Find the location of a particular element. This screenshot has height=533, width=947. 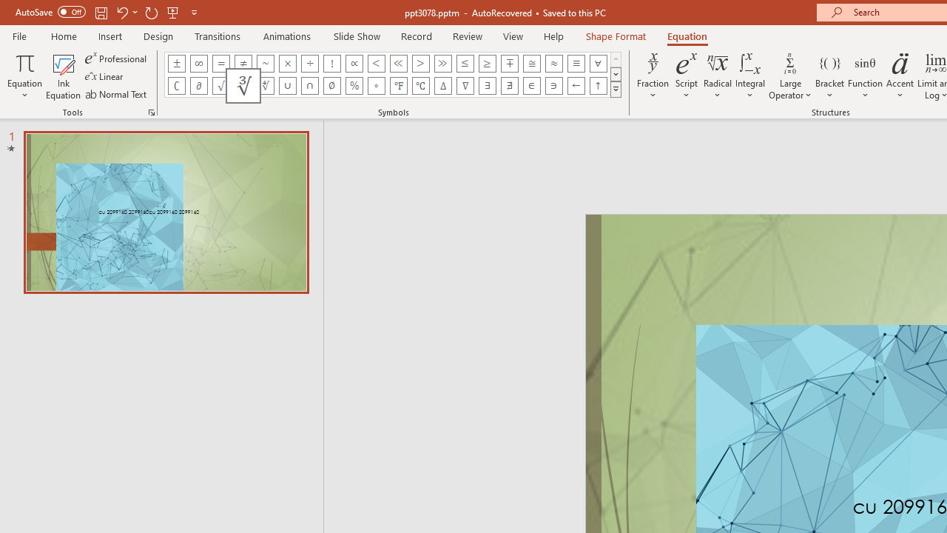

'Linear' is located at coordinates (104, 76).